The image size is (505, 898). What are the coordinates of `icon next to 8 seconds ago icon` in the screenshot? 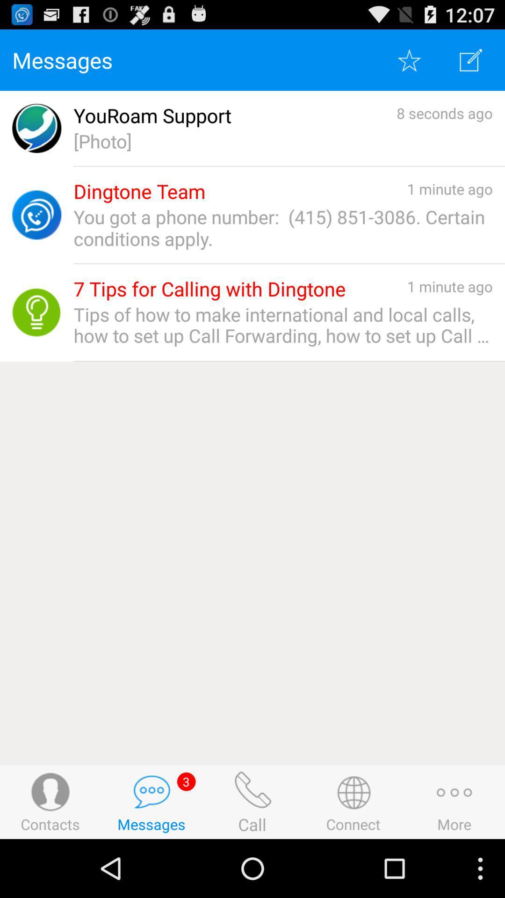 It's located at (152, 115).